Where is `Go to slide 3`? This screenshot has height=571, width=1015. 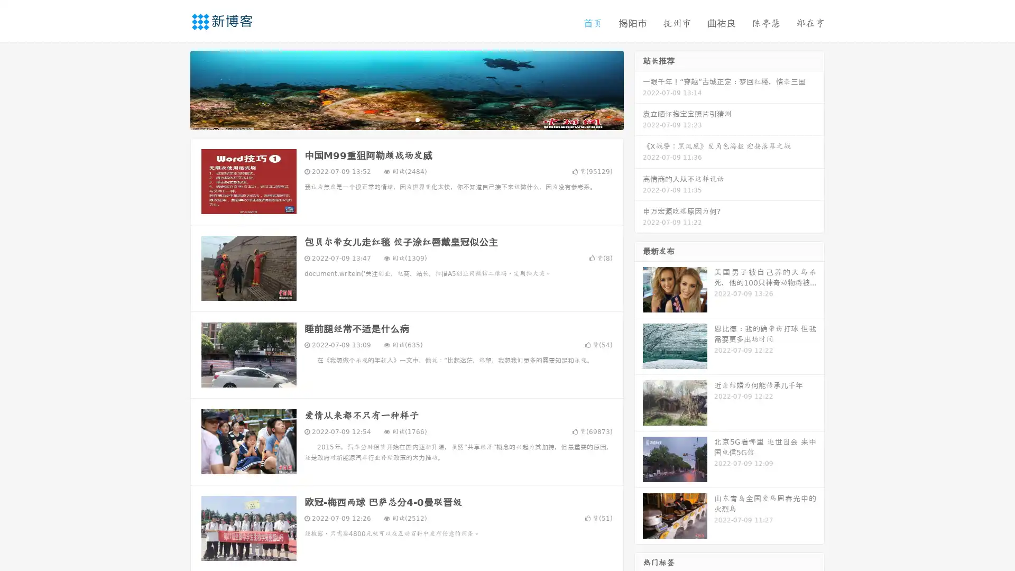
Go to slide 3 is located at coordinates (417, 119).